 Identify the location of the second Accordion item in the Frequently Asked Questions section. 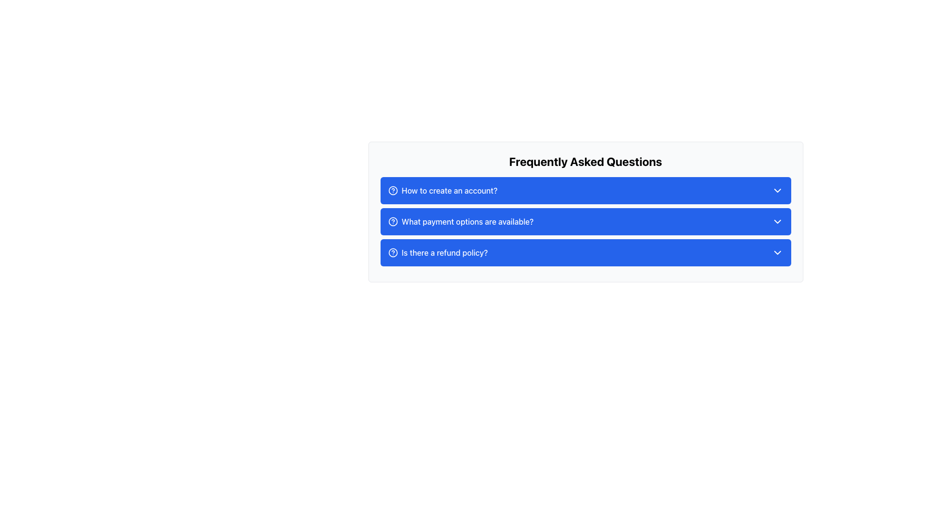
(585, 211).